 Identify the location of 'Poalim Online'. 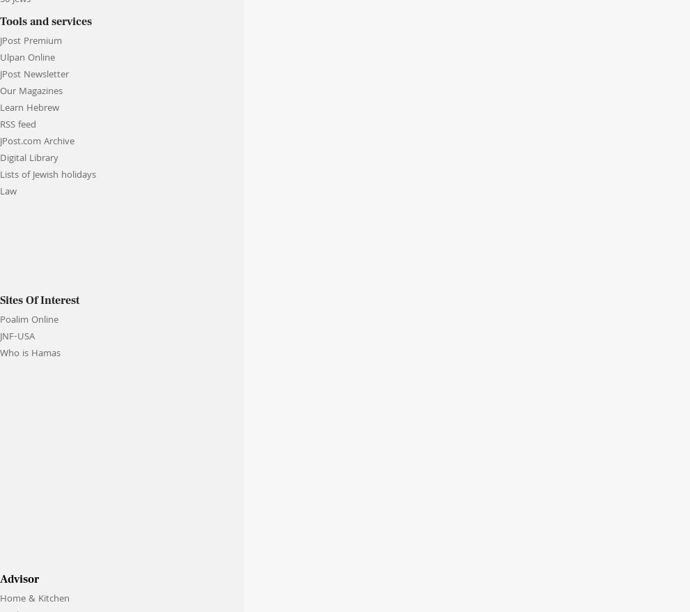
(29, 319).